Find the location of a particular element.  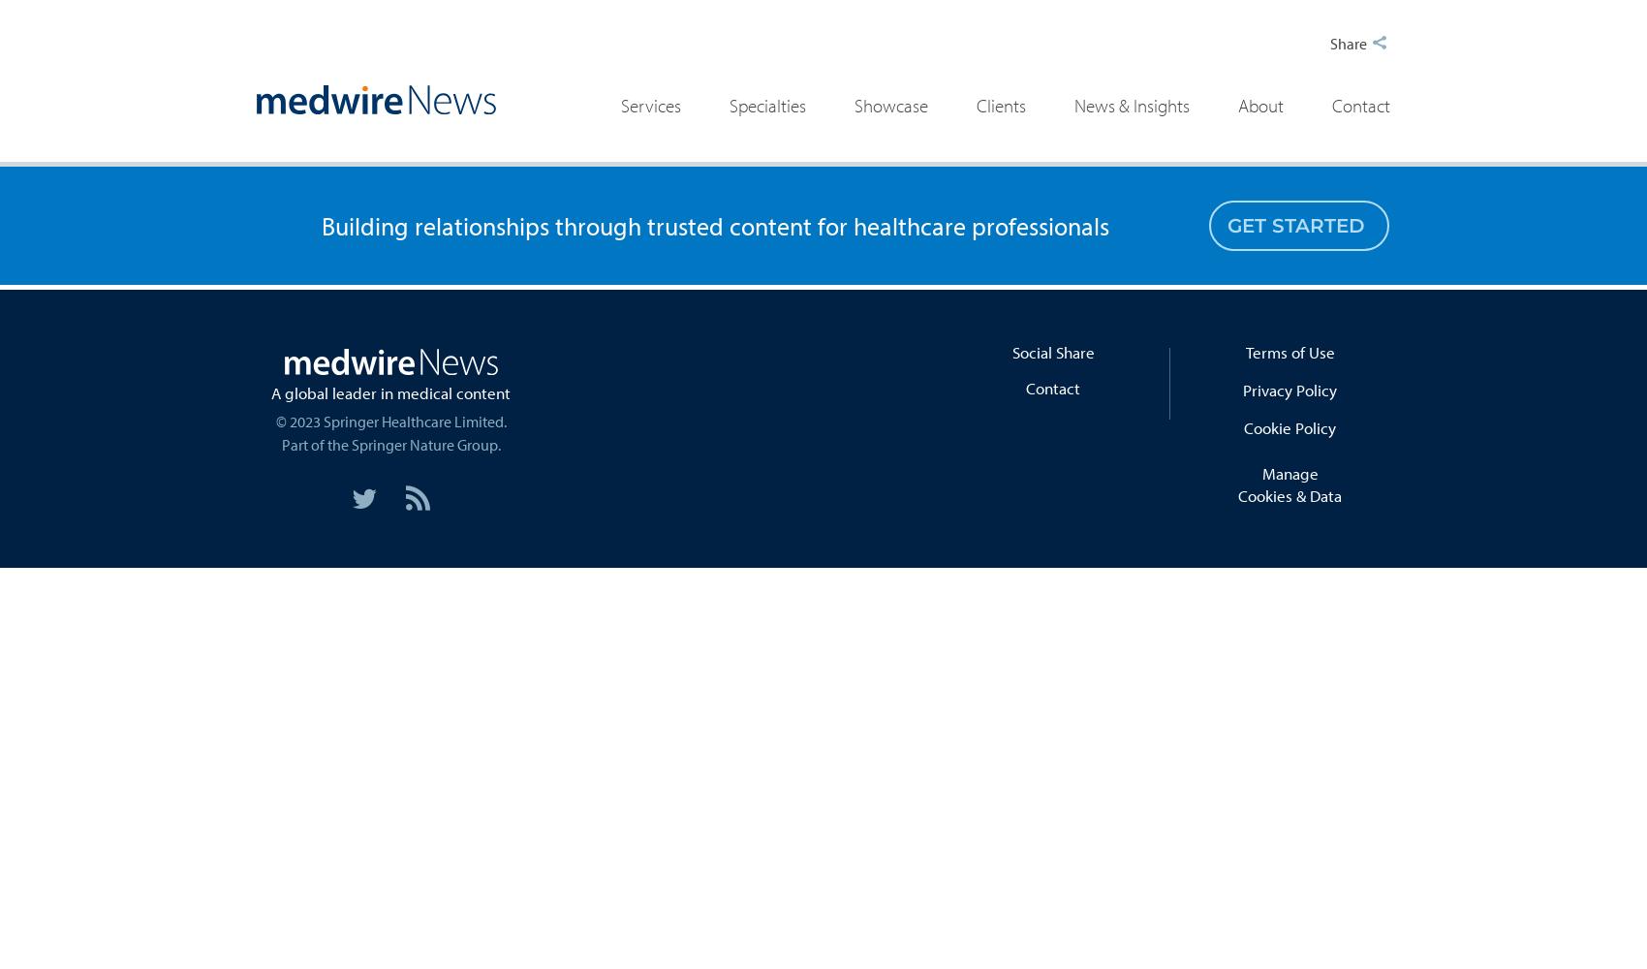

'Services' is located at coordinates (649, 105).